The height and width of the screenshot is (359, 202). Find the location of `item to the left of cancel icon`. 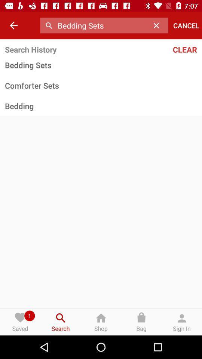

item to the left of cancel icon is located at coordinates (158, 25).